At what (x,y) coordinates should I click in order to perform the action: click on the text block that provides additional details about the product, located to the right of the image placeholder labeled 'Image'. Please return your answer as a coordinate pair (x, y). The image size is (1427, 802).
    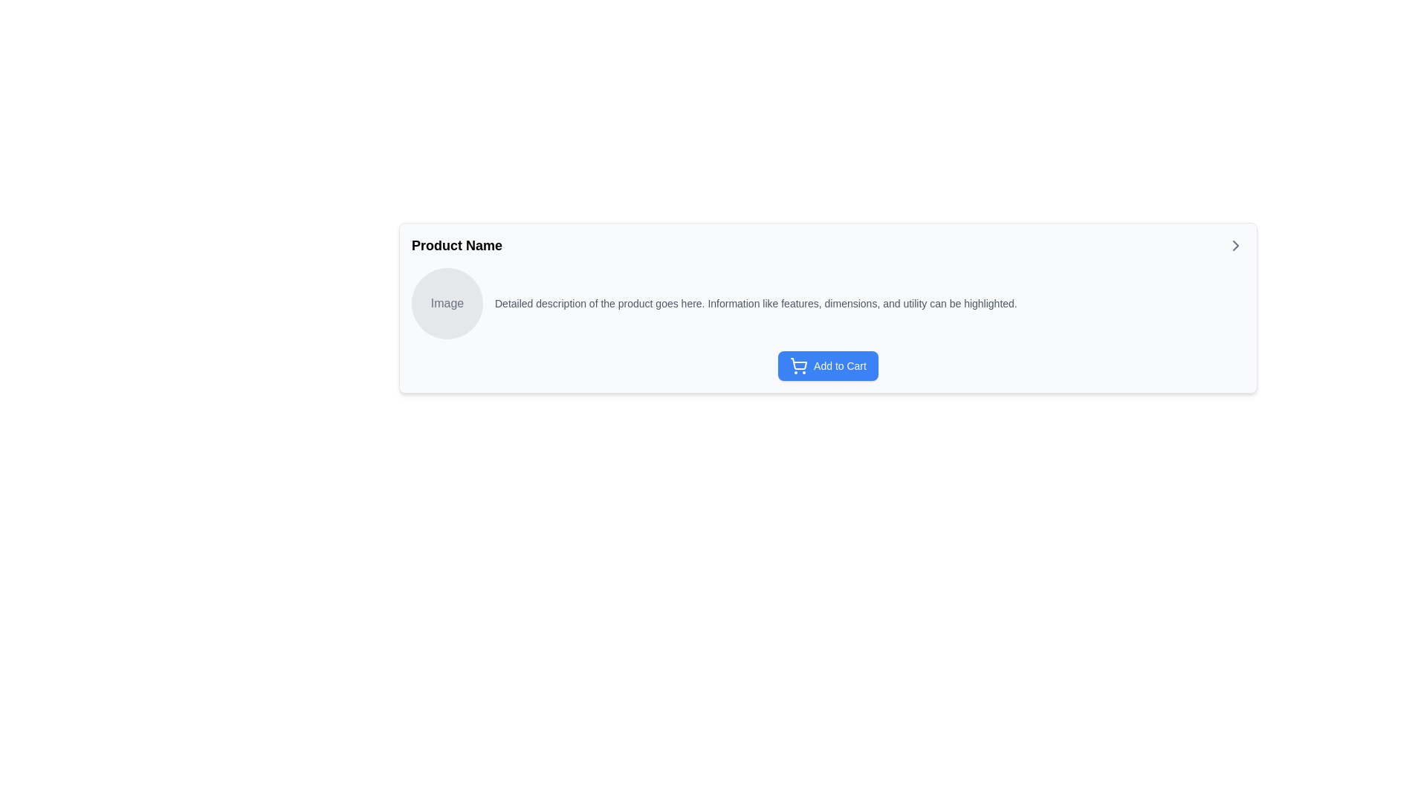
    Looking at the image, I should click on (756, 302).